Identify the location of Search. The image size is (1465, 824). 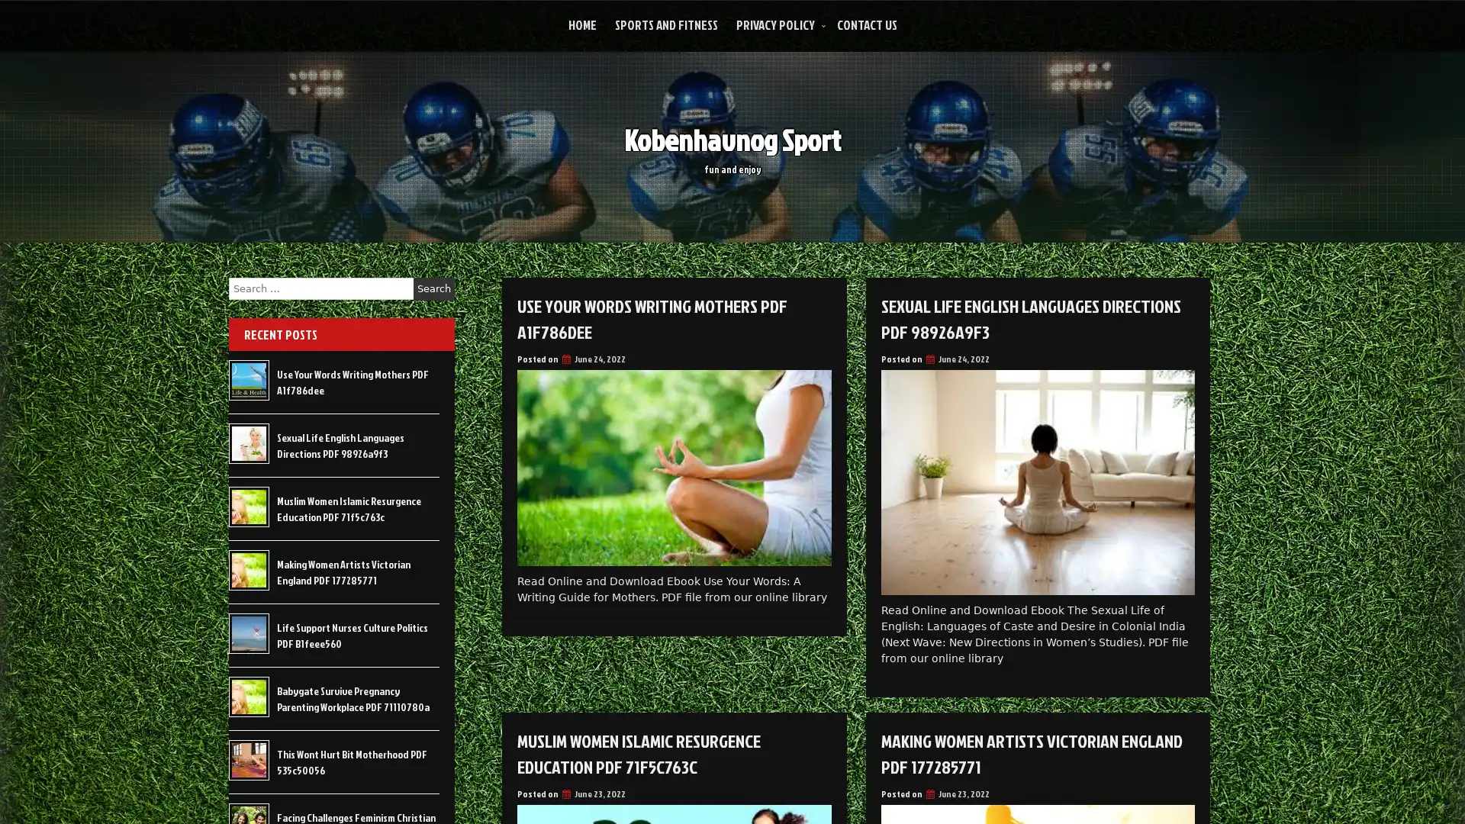
(433, 288).